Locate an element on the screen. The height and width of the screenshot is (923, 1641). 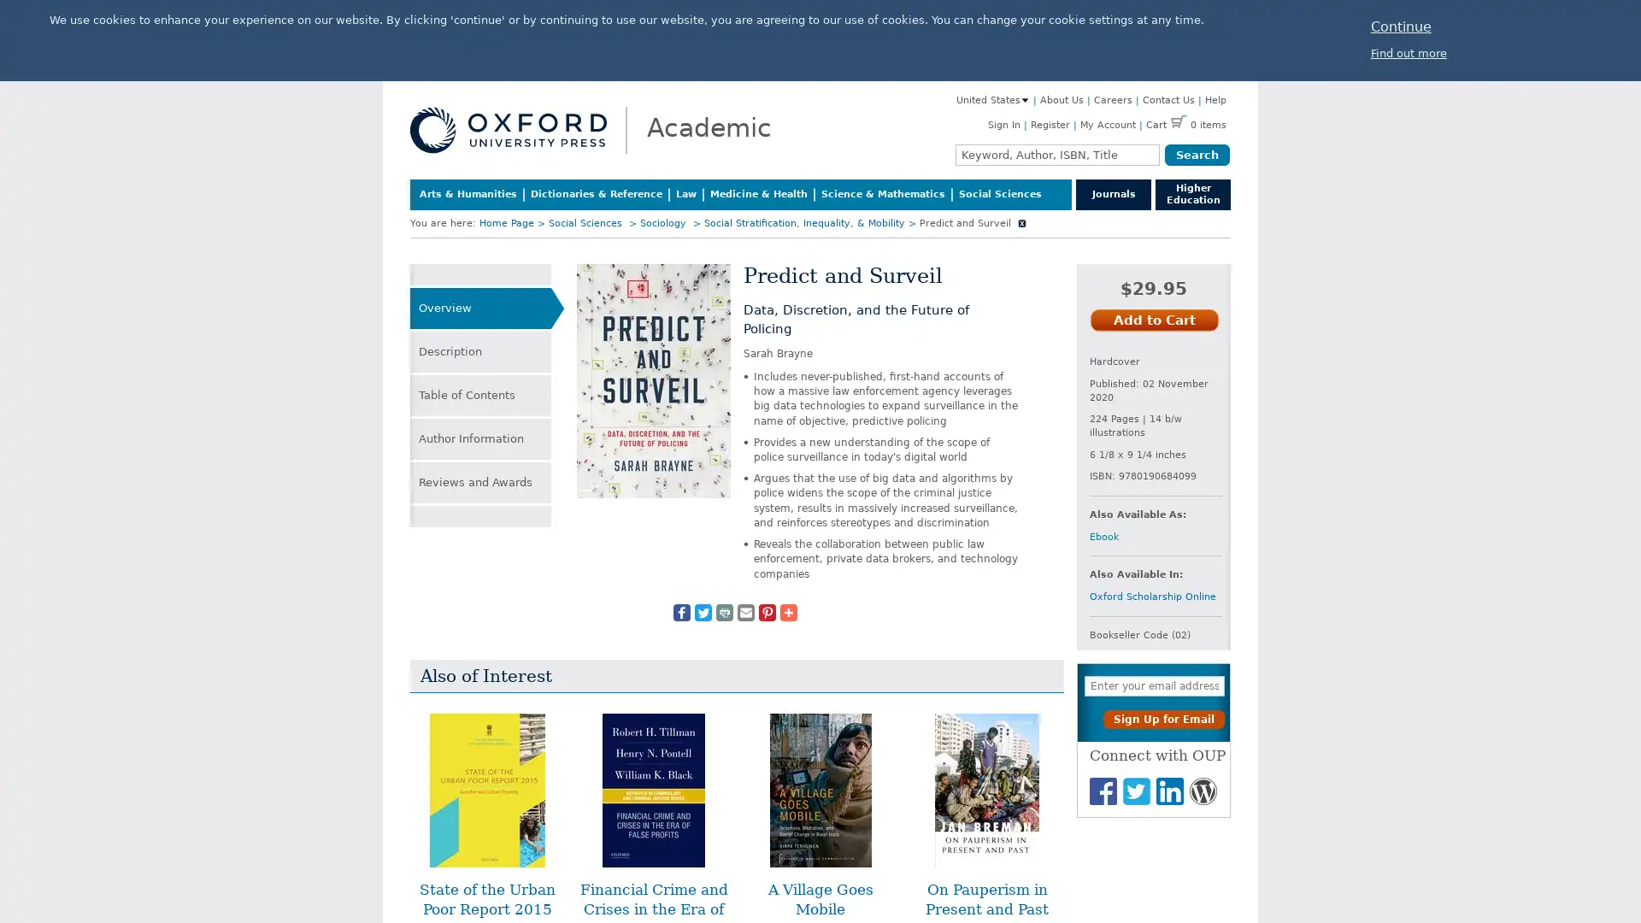
Share to Email is located at coordinates (745, 611).